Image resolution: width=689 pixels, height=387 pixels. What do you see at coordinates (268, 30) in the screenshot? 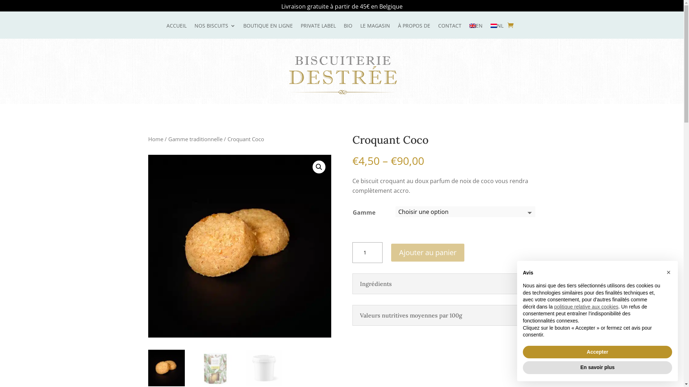
I see `'BOUTIQUE EN LIGNE'` at bounding box center [268, 30].